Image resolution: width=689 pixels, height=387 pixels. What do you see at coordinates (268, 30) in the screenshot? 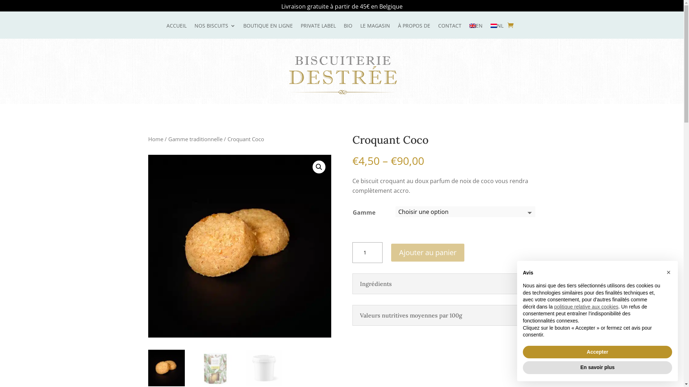
I see `'BOUTIQUE EN LIGNE'` at bounding box center [268, 30].